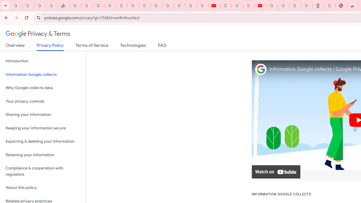  Describe the element at coordinates (260, 6) in the screenshot. I see `'Content Creator Programs & Opportunities - YouTube Creators'` at that location.